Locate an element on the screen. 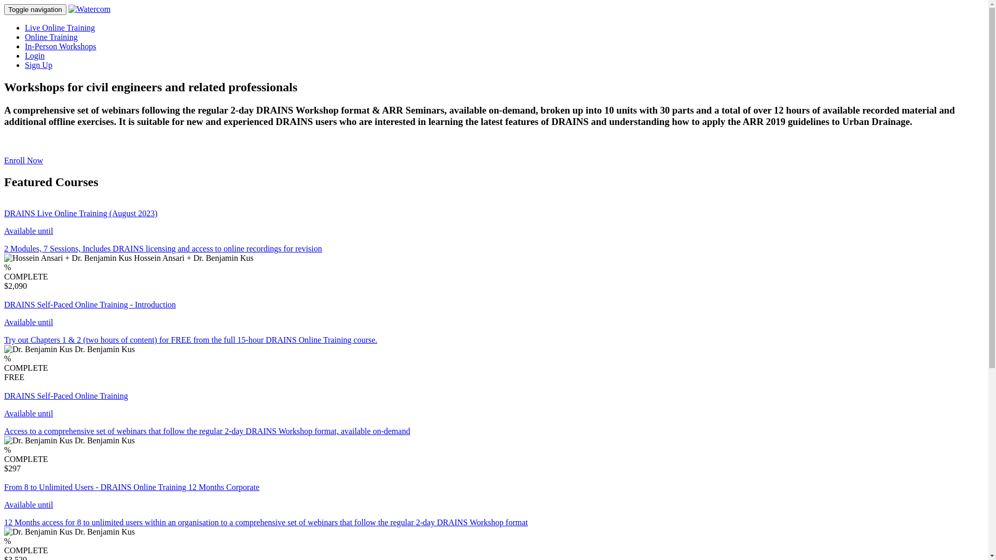 The height and width of the screenshot is (560, 996). 'Sign Up' is located at coordinates (38, 65).